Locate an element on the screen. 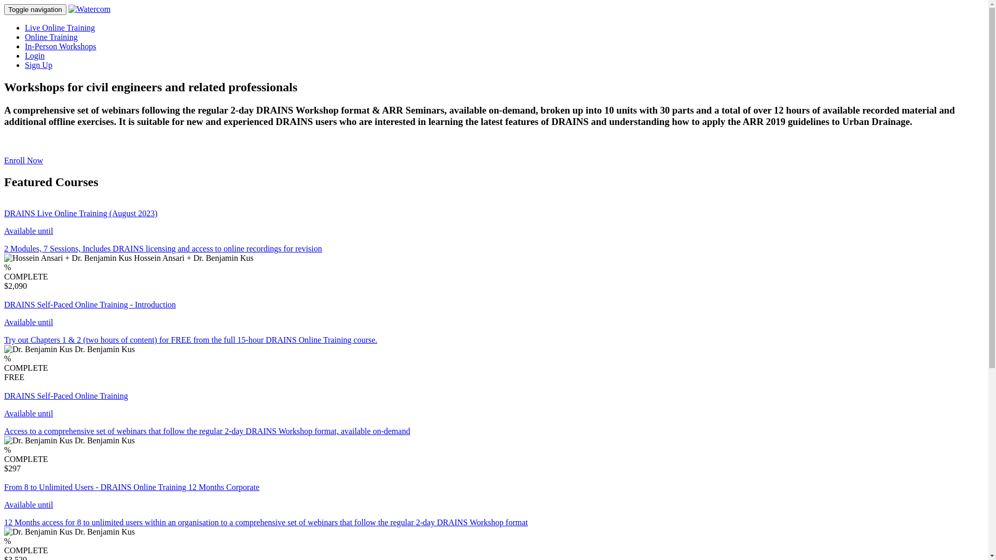 The height and width of the screenshot is (560, 996). 'Sign Up' is located at coordinates (38, 65).